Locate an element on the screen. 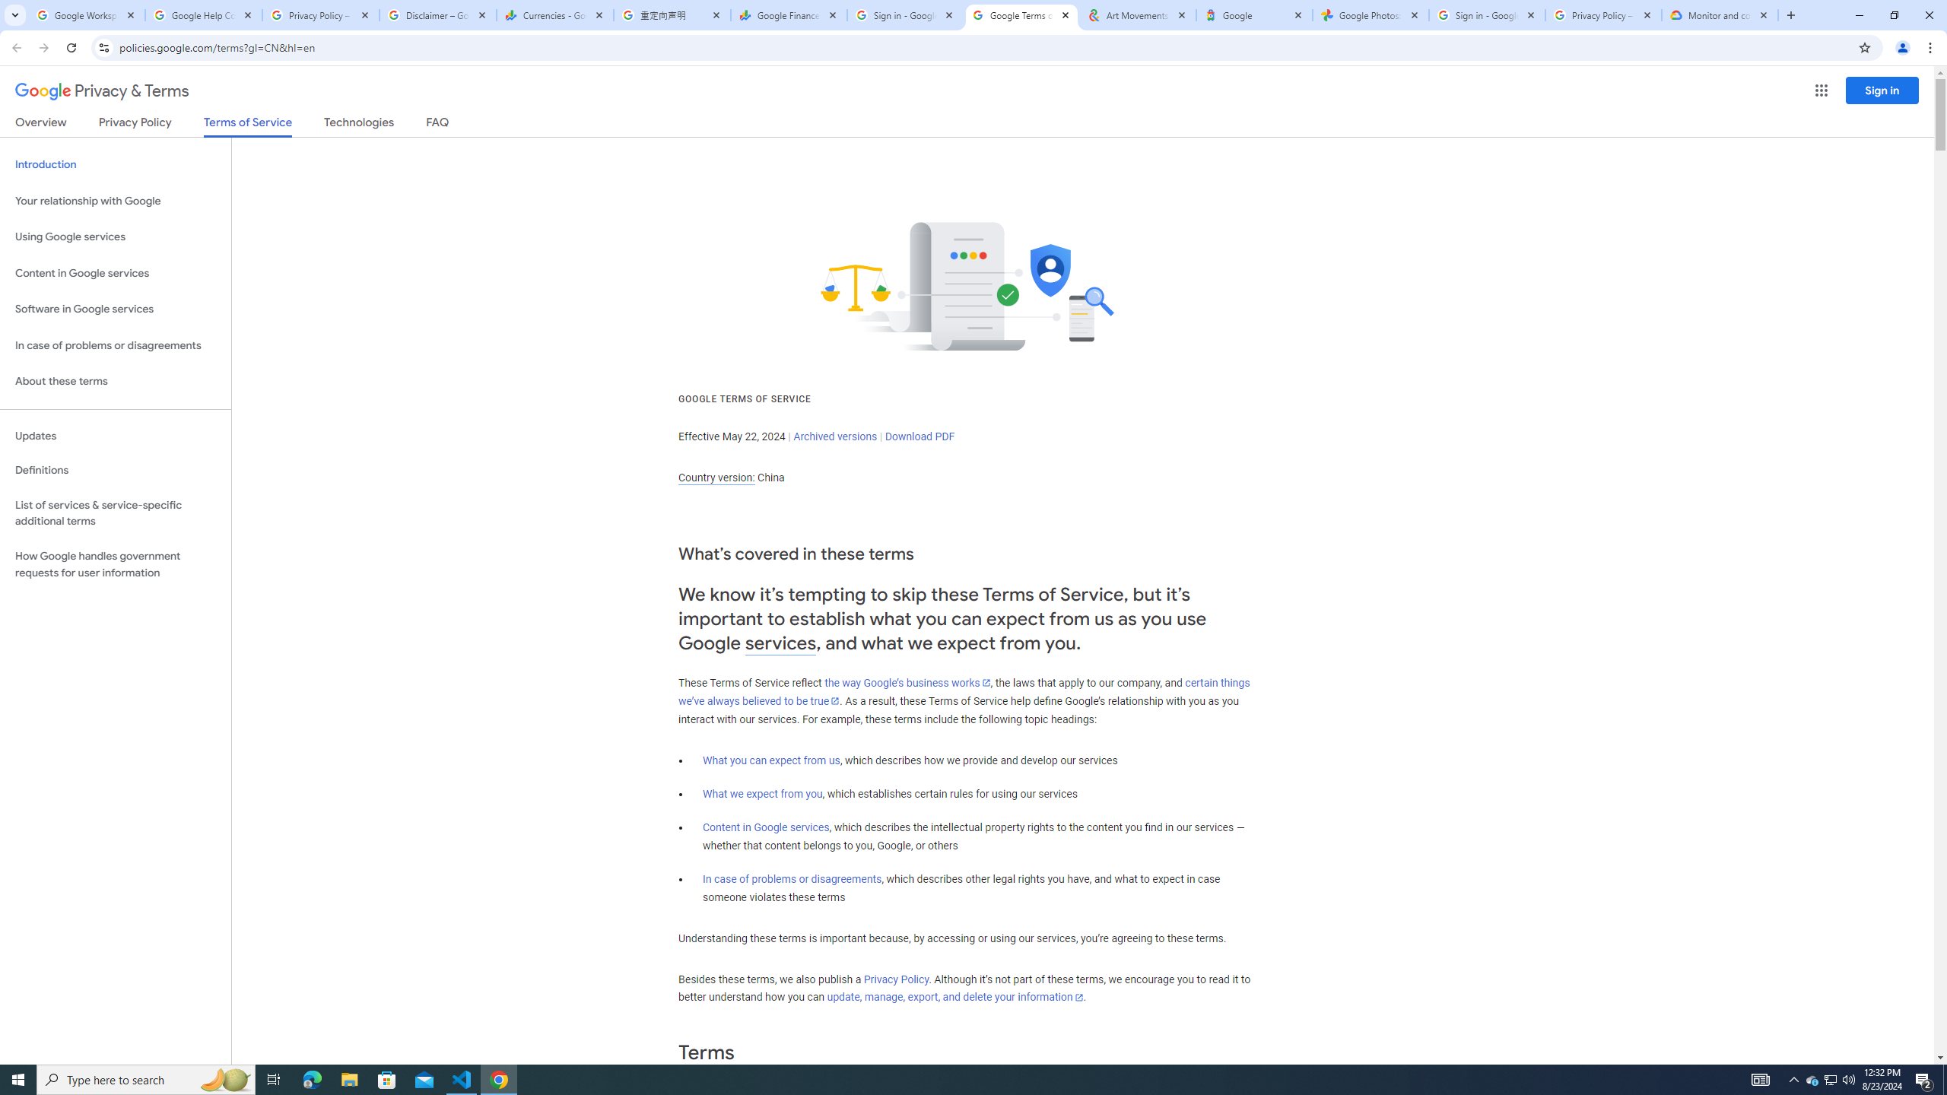 This screenshot has width=1947, height=1095. 'update, manage, export, and delete your information' is located at coordinates (954, 996).